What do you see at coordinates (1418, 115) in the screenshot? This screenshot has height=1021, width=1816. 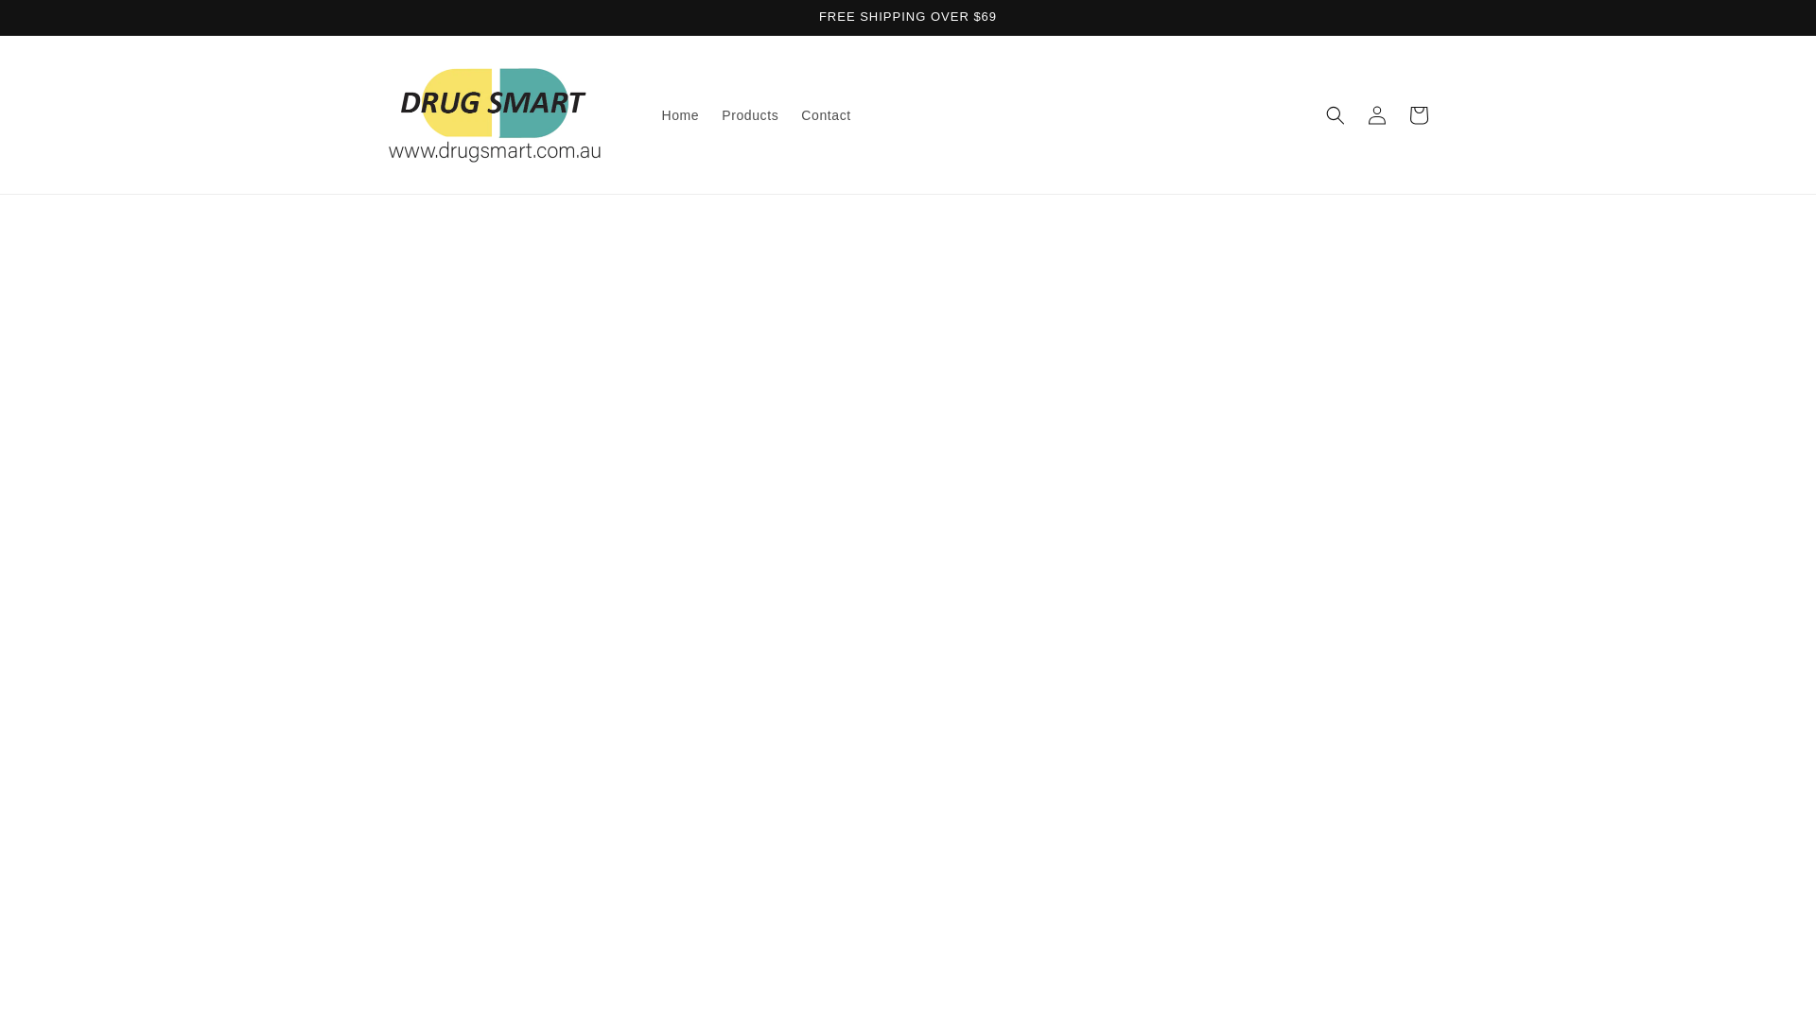 I see `'Cart'` at bounding box center [1418, 115].